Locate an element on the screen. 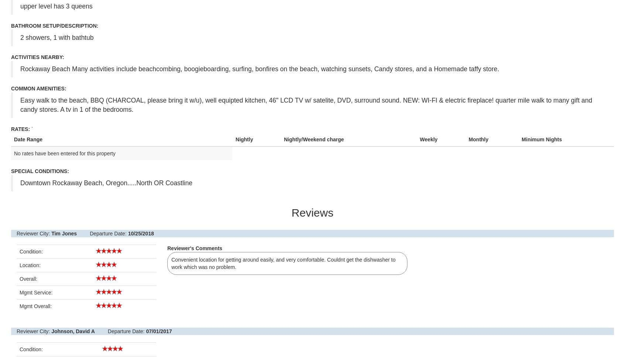  '`' is located at coordinates (31, 128).